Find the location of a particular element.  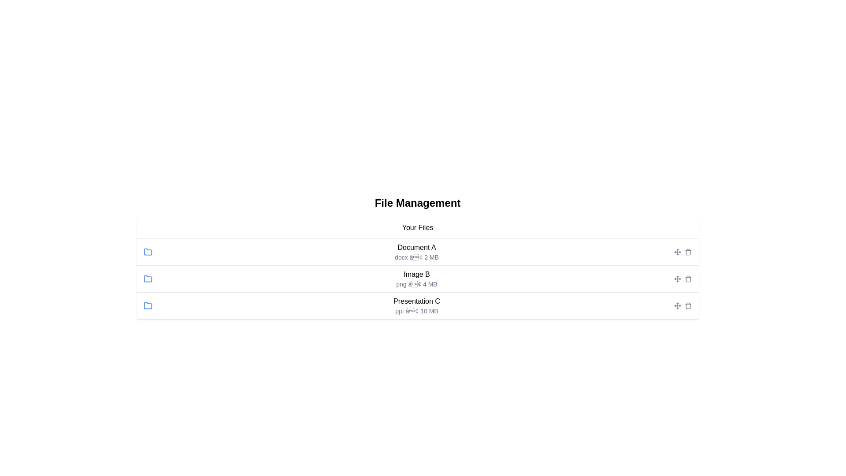

the arrow icon within the Grouped Action Icons located at the far right end of the row for 'Document A' in the 'Your Files' section is located at coordinates (683, 252).